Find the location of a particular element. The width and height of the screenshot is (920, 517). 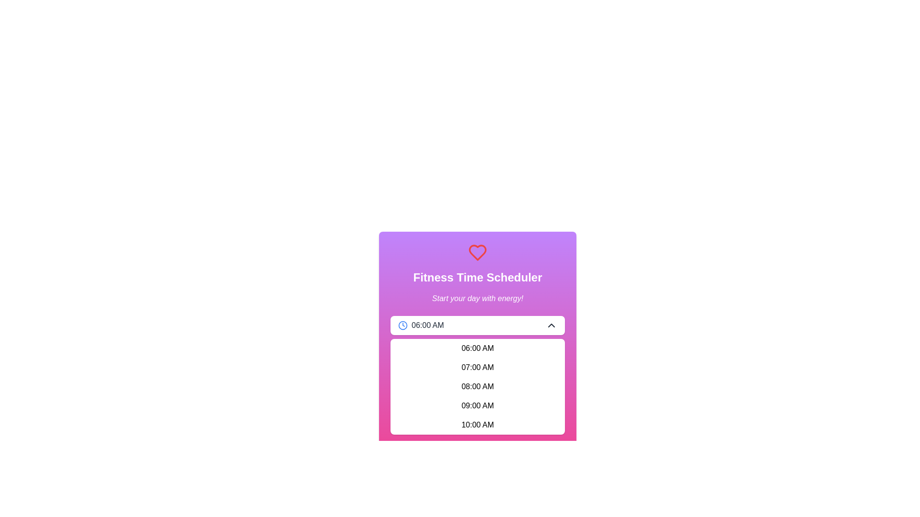

the header element containing the red heart icon and the text 'Fitness Time Scheduler', visually engaging with its appearance is located at coordinates (478, 264).